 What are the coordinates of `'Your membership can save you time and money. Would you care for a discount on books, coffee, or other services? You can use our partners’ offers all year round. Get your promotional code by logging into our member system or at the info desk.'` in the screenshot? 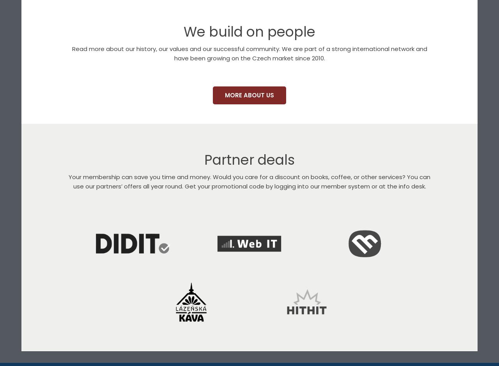 It's located at (249, 181).